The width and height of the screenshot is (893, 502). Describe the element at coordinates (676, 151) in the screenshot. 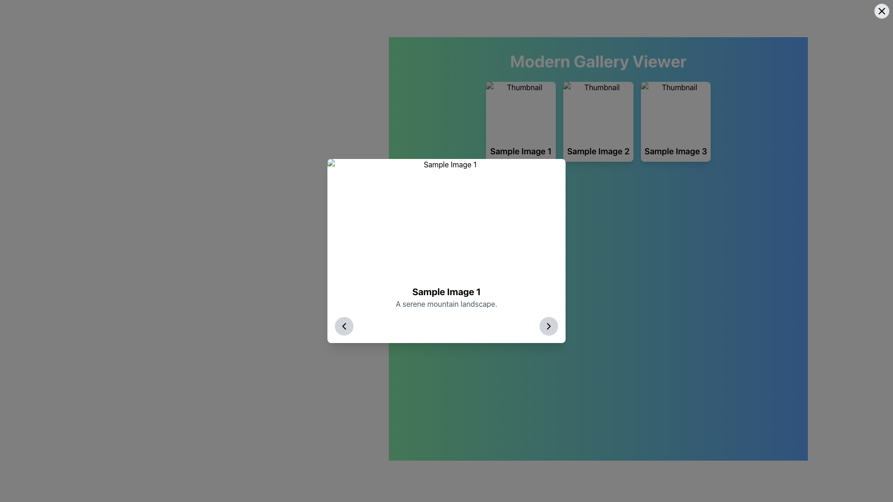

I see `the Text Label that provides information about the thumbnail image in the third card of the Modern Gallery Viewer` at that location.